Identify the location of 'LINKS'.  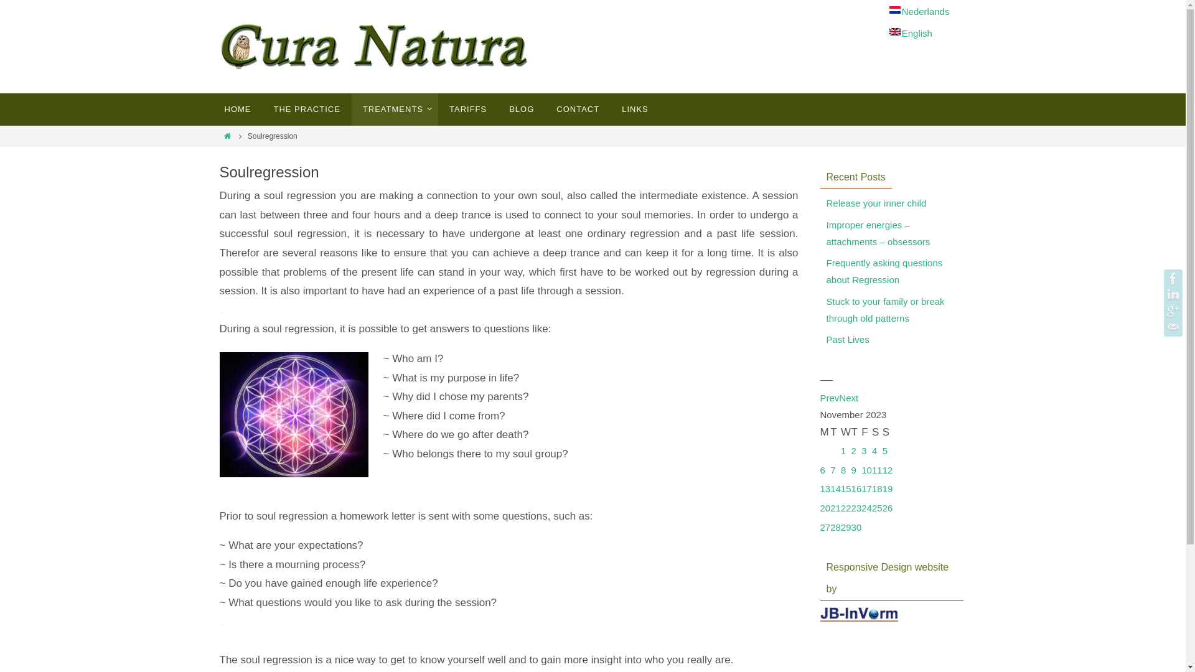
(635, 109).